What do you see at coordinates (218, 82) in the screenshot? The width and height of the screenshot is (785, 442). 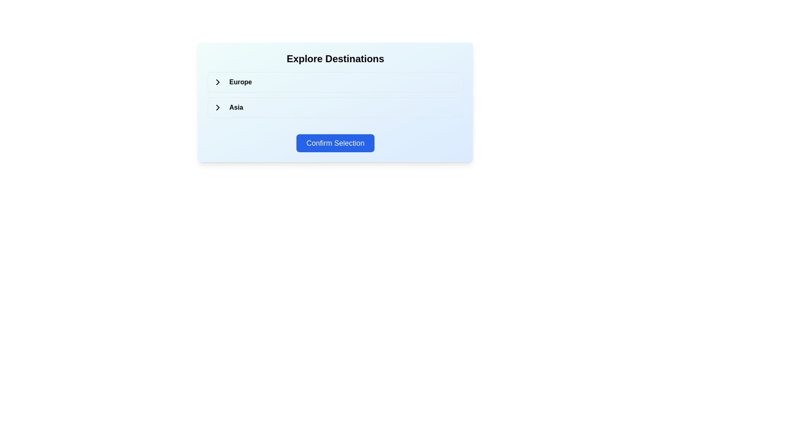 I see `the right-facing chevron icon with a black stroke, located to the left of the text 'Europe'` at bounding box center [218, 82].